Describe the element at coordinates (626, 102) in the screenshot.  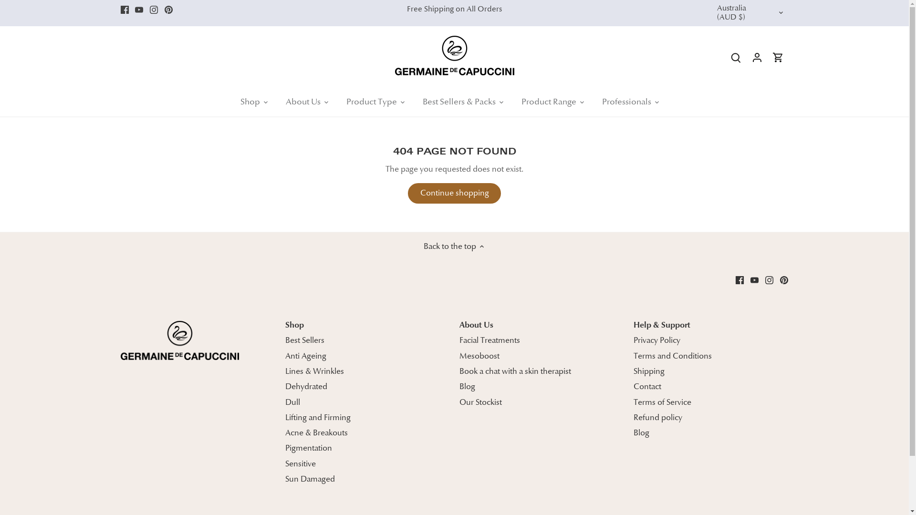
I see `'Professionals'` at that location.